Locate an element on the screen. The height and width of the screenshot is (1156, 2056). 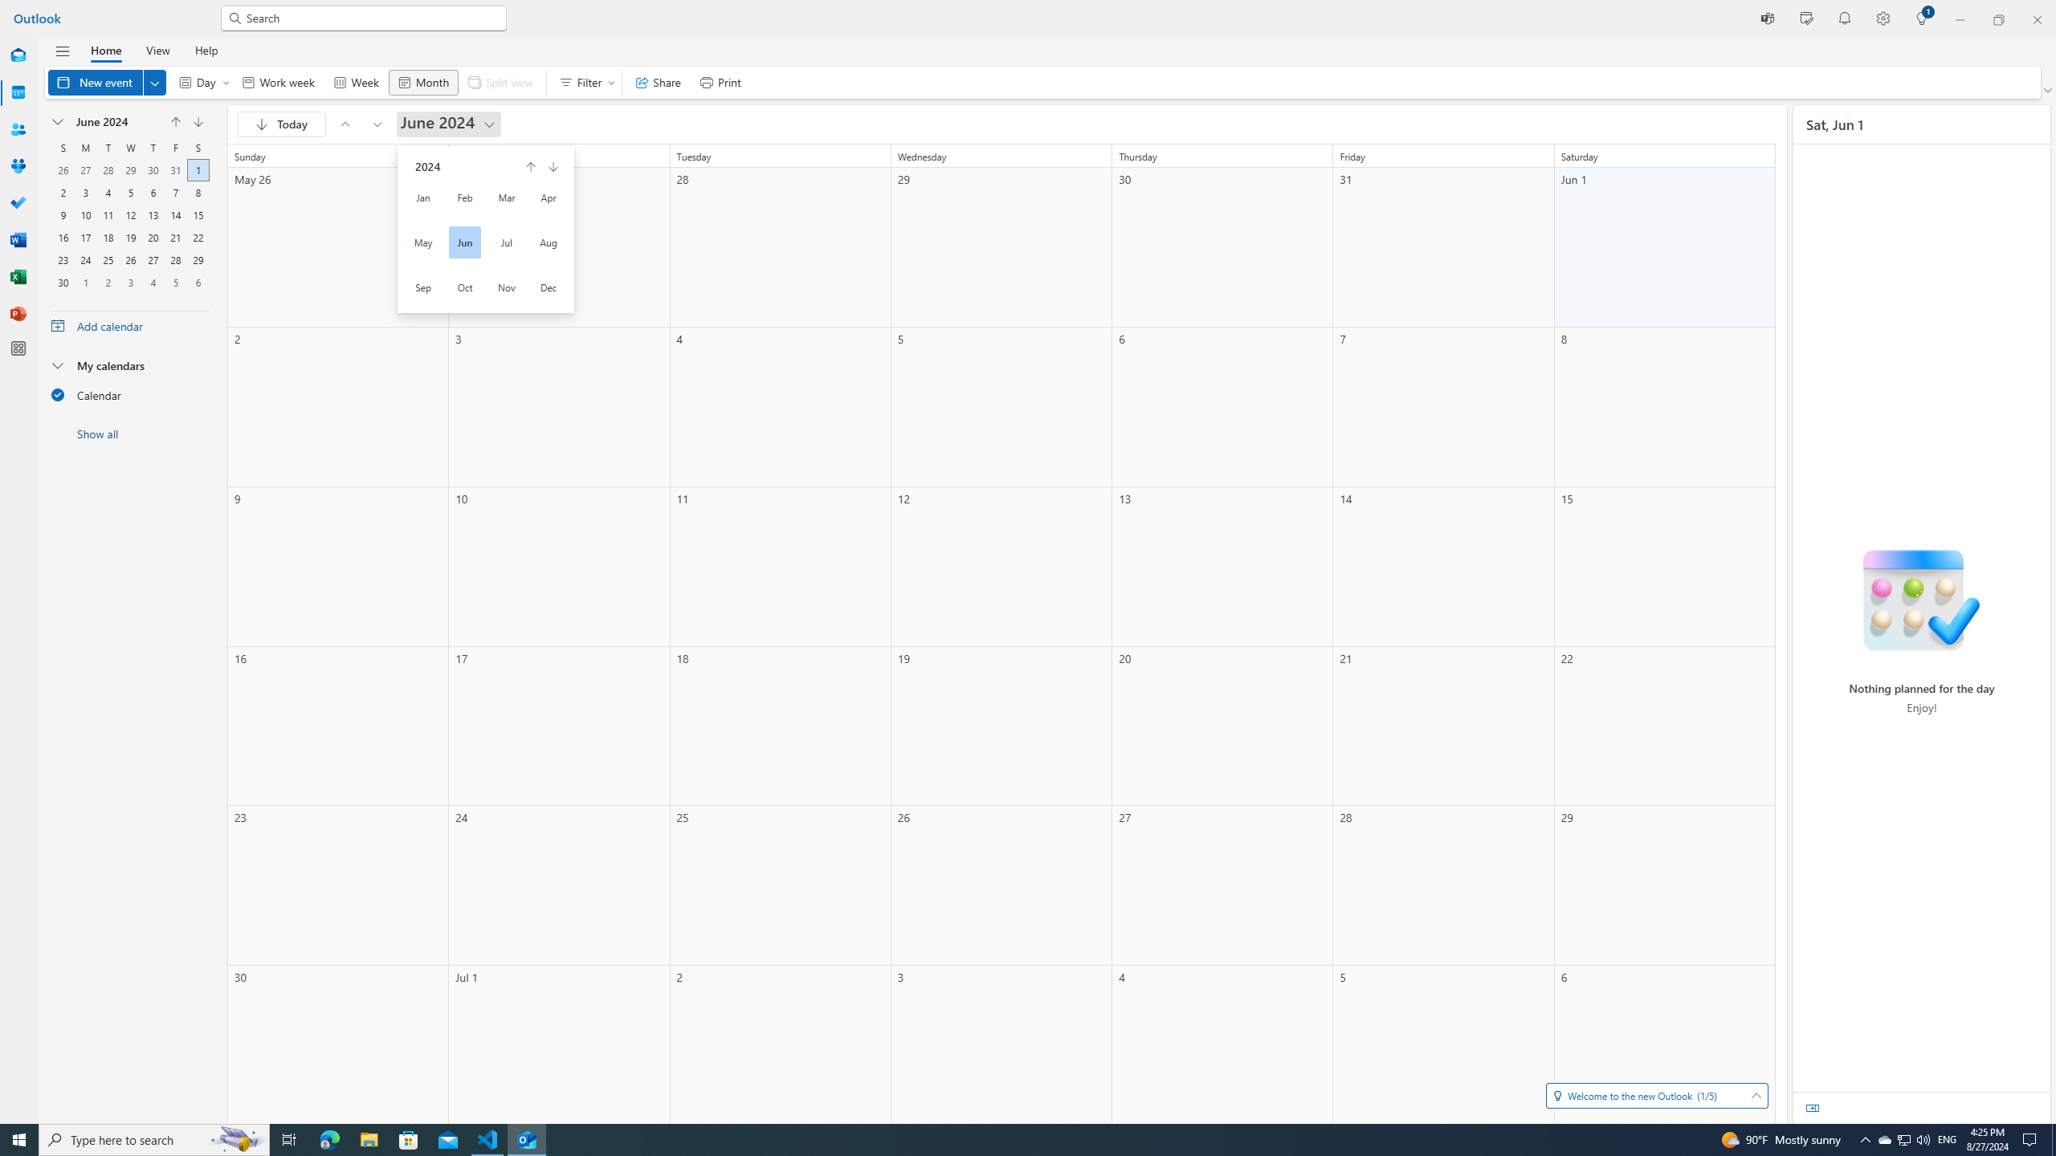
'Expand to see more New options' is located at coordinates (154, 82).